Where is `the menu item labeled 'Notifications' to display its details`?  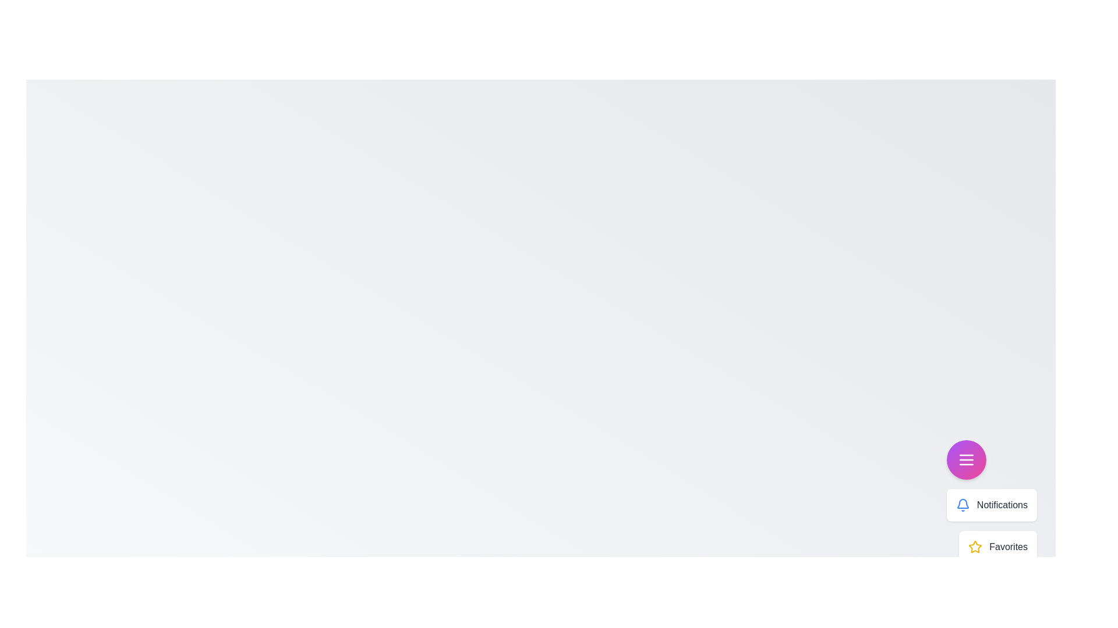 the menu item labeled 'Notifications' to display its details is located at coordinates (991, 504).